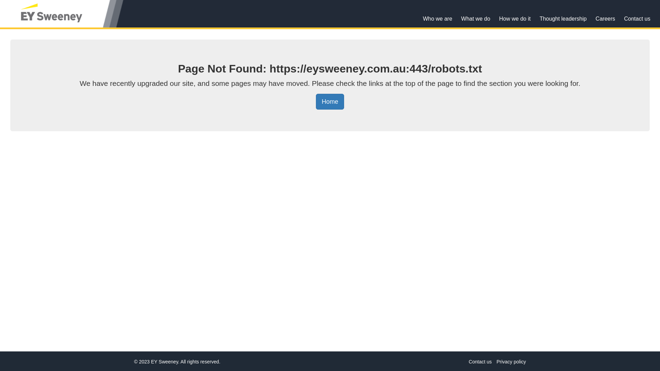  What do you see at coordinates (511, 361) in the screenshot?
I see `'Privacy policy'` at bounding box center [511, 361].